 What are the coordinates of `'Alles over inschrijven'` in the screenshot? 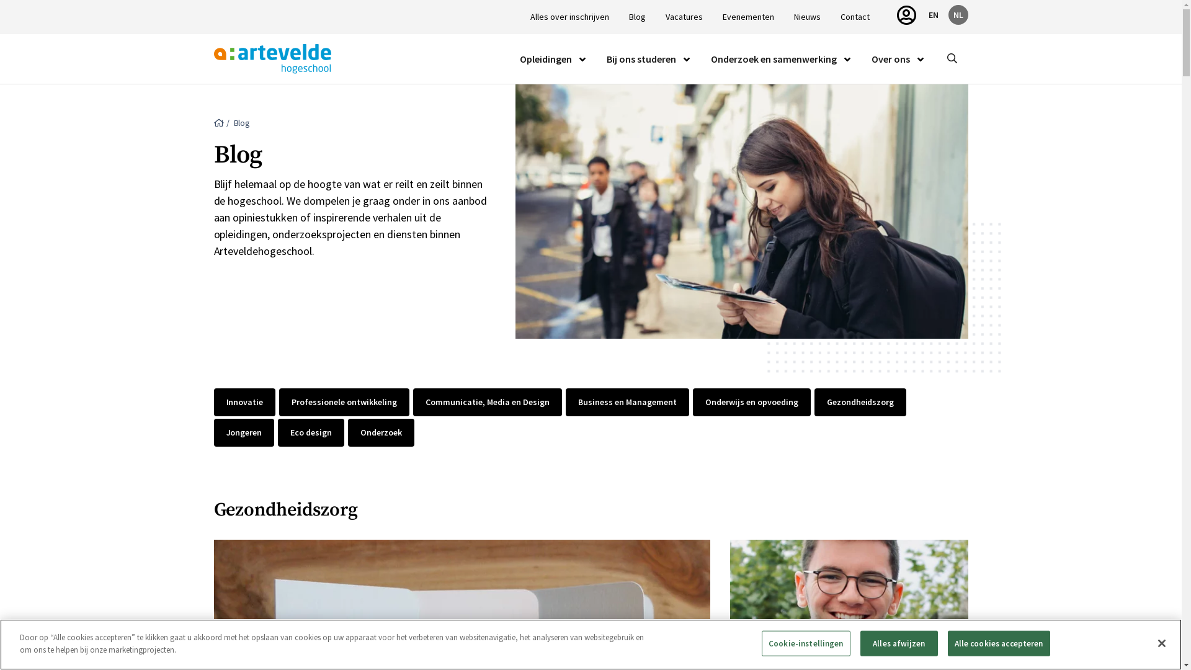 It's located at (568, 17).